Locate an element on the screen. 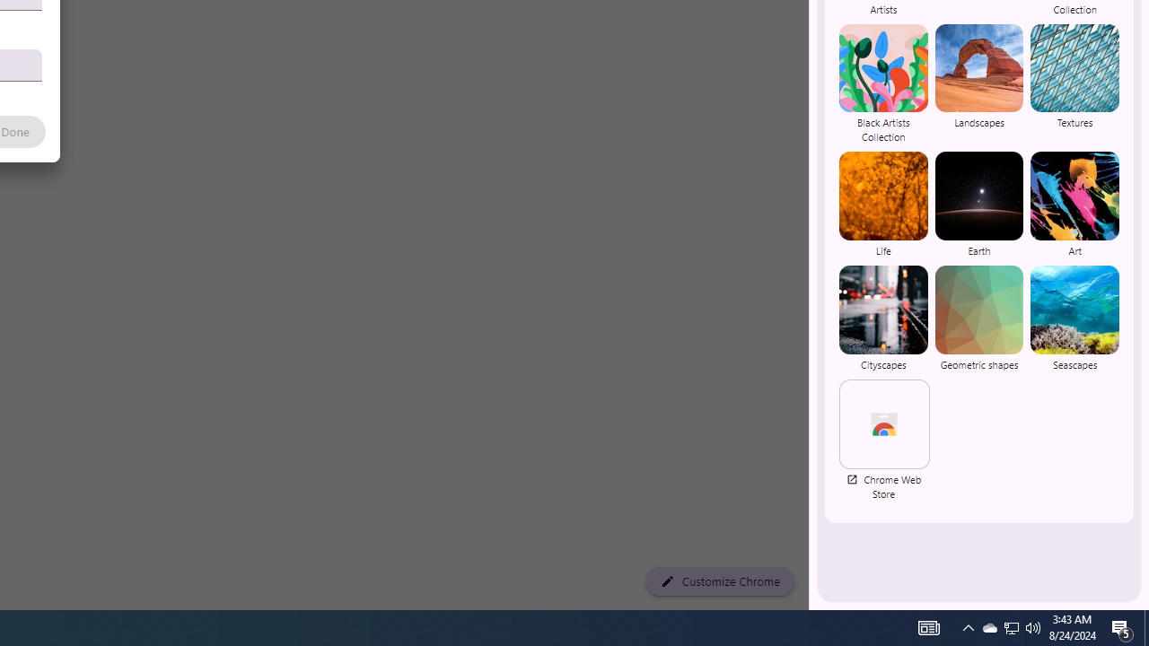  'Cityscapes' is located at coordinates (883, 317).